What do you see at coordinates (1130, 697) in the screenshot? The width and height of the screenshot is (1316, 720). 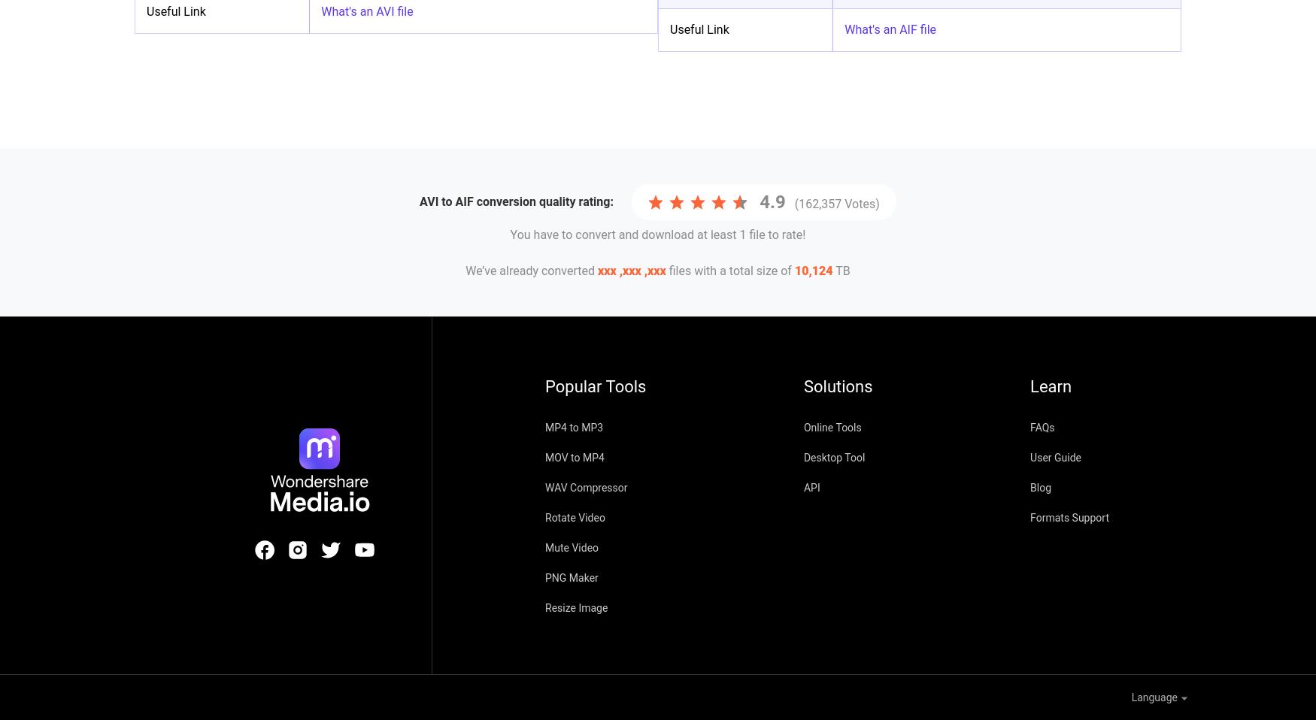 I see `'Language'` at bounding box center [1130, 697].